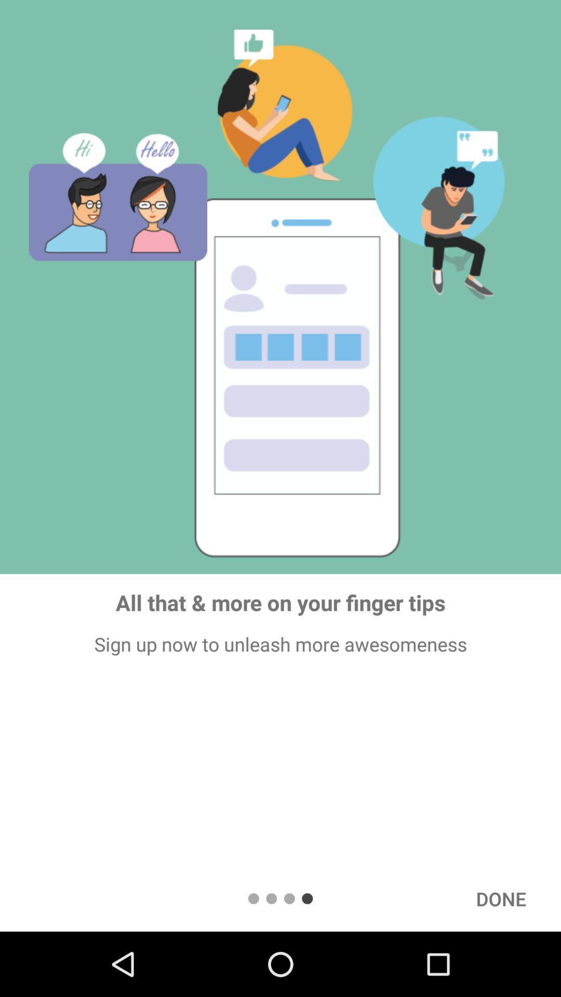 This screenshot has height=997, width=561. I want to click on item below sign up now icon, so click(500, 898).